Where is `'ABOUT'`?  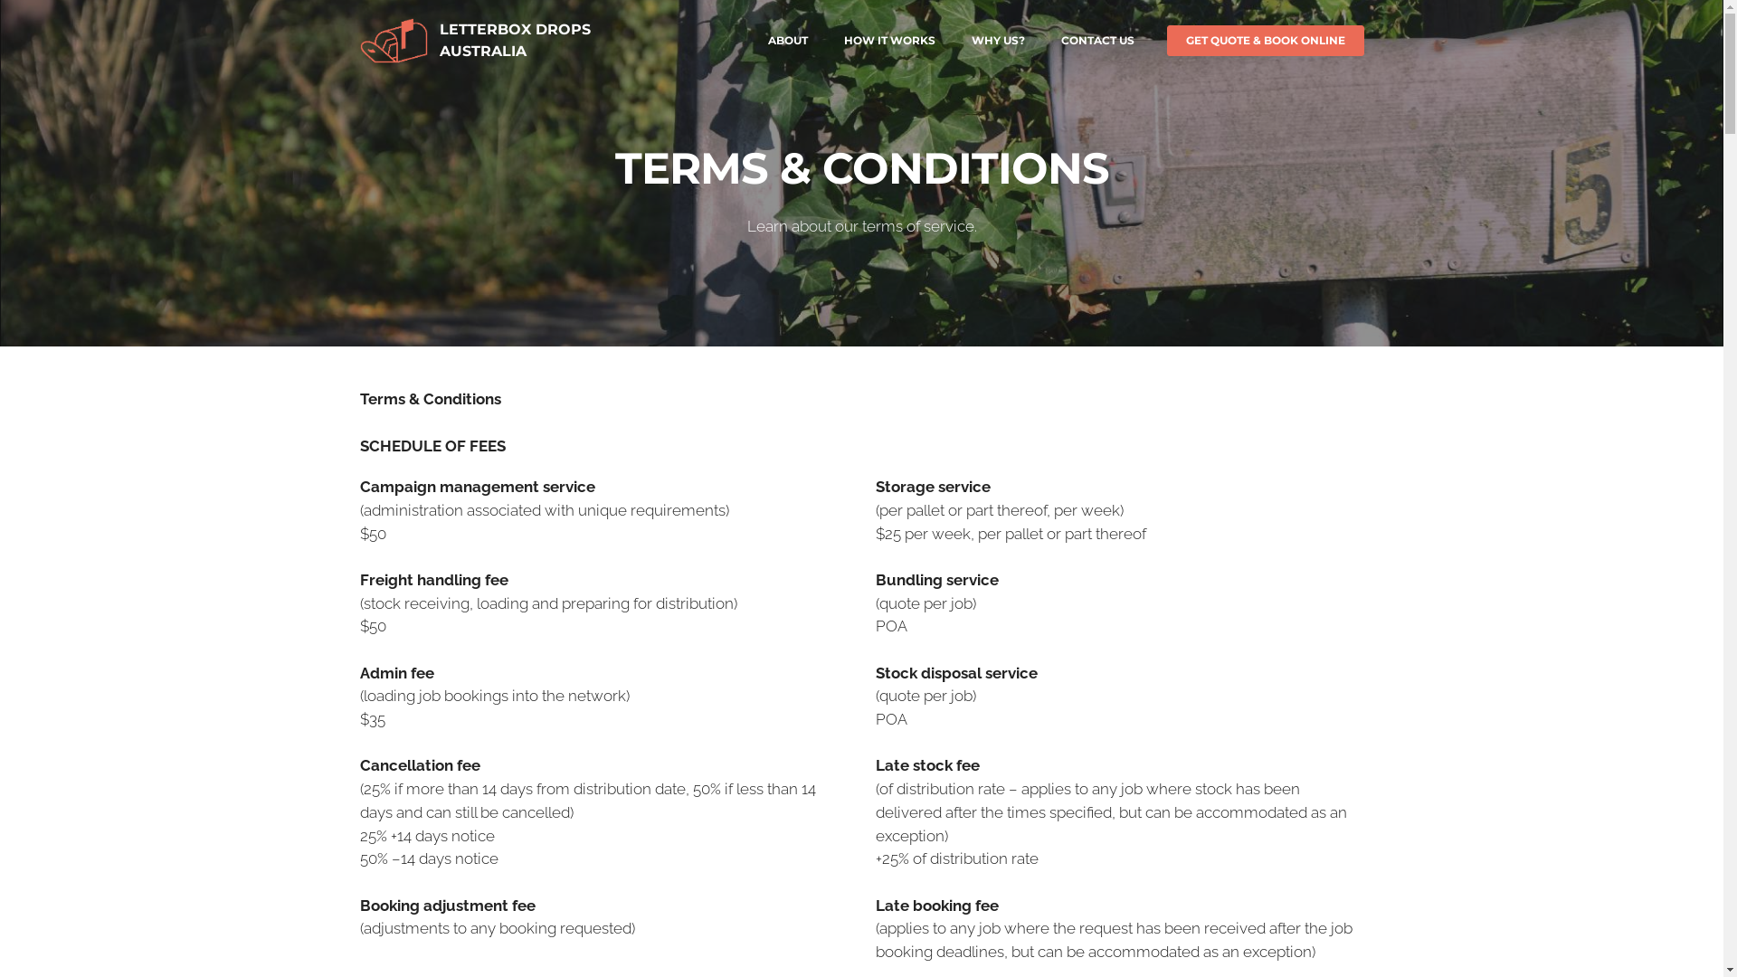 'ABOUT' is located at coordinates (786, 41).